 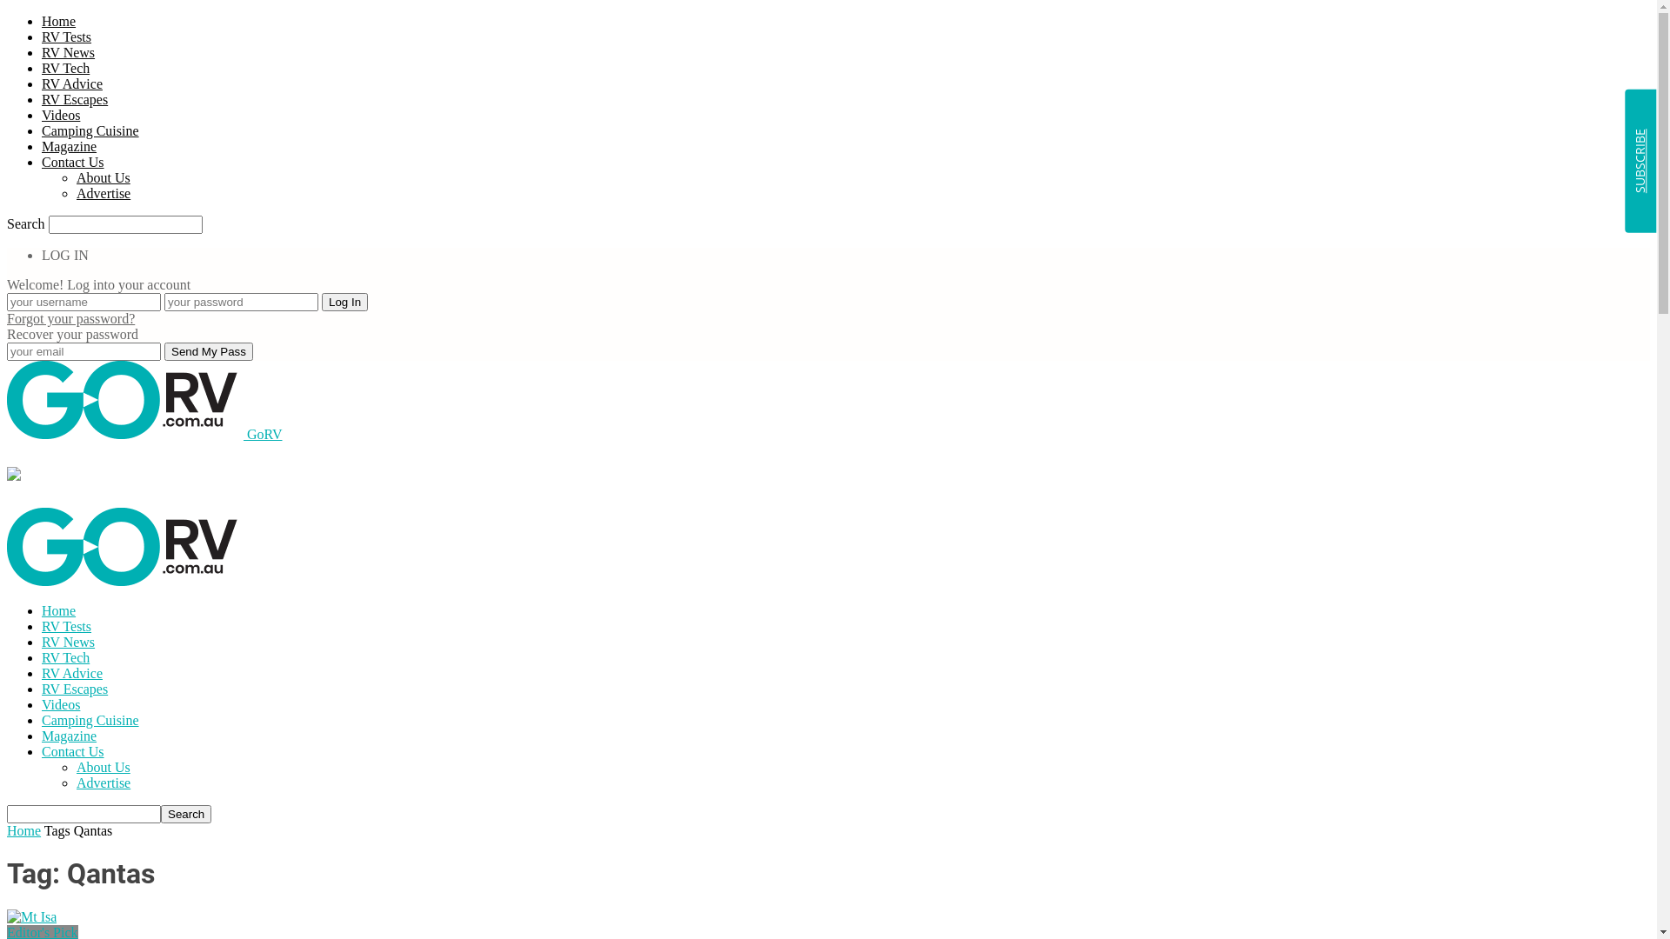 What do you see at coordinates (186, 814) in the screenshot?
I see `'Search'` at bounding box center [186, 814].